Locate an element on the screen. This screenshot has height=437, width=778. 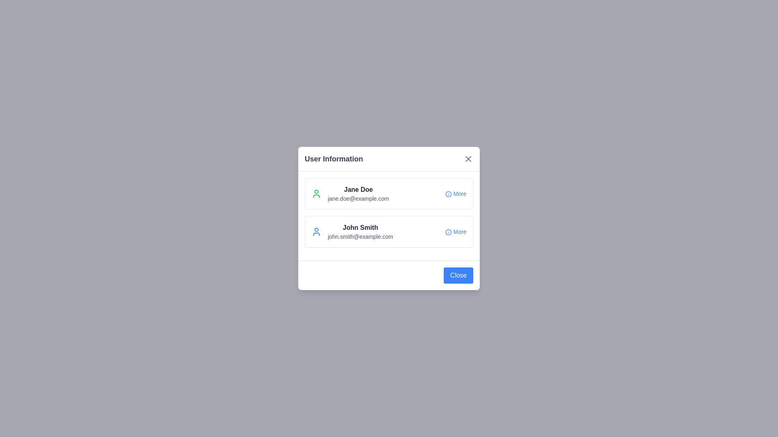
close button in the dialog header to close the dialog is located at coordinates (468, 159).